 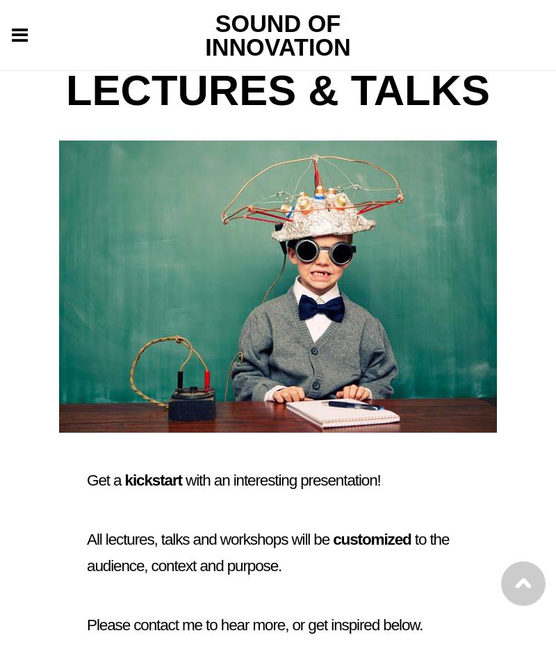 I want to click on 'Lectures & Talks', so click(x=277, y=90).